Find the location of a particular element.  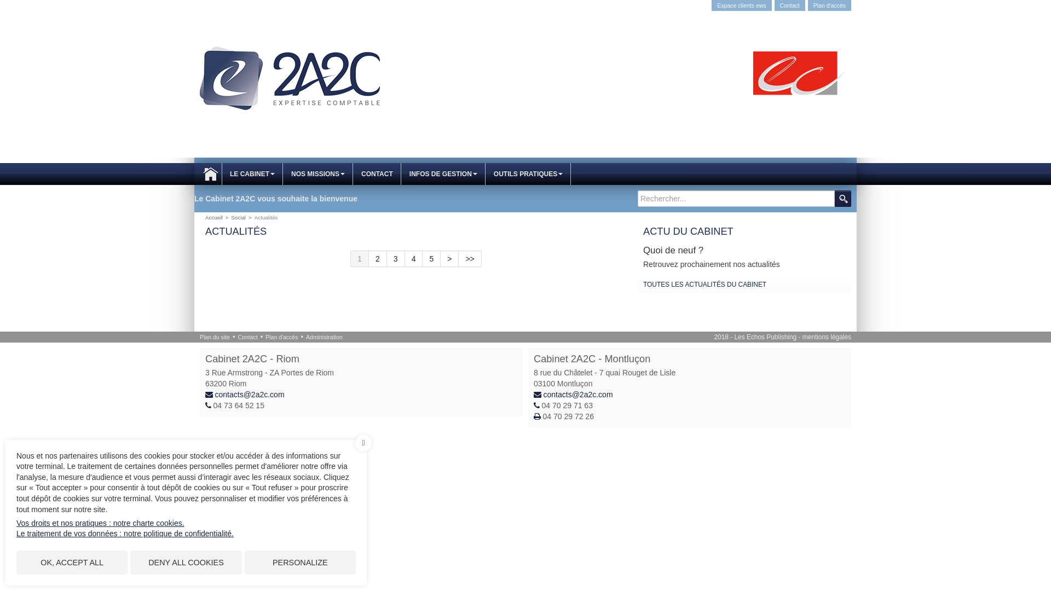

'5' is located at coordinates (422, 259).